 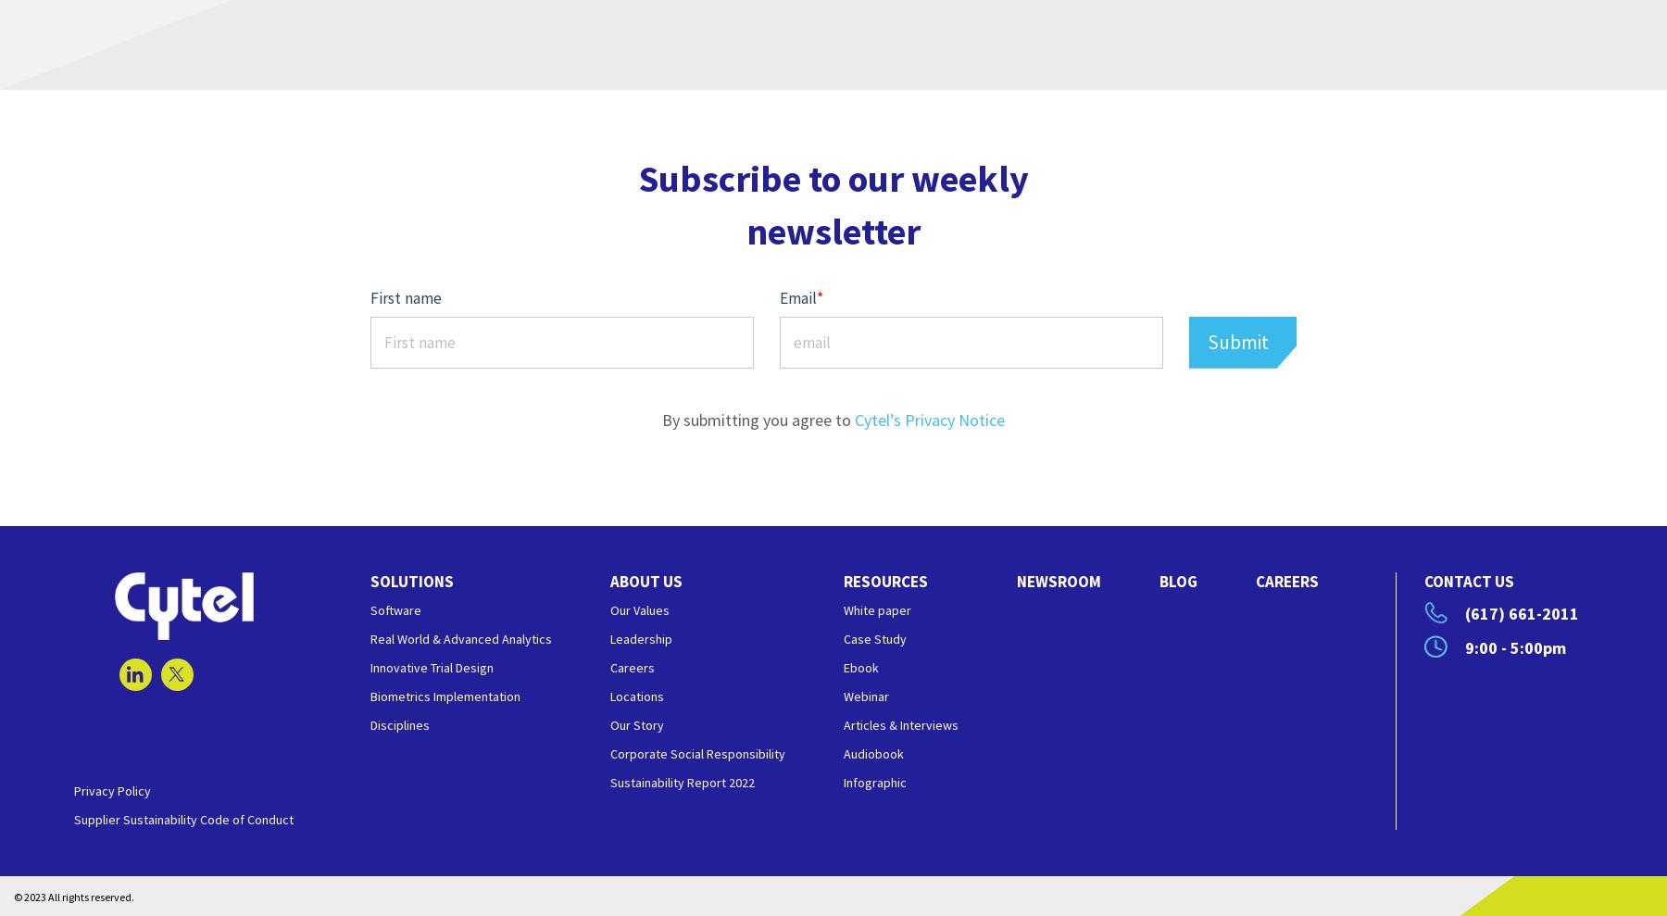 I want to click on 'First name', so click(x=406, y=297).